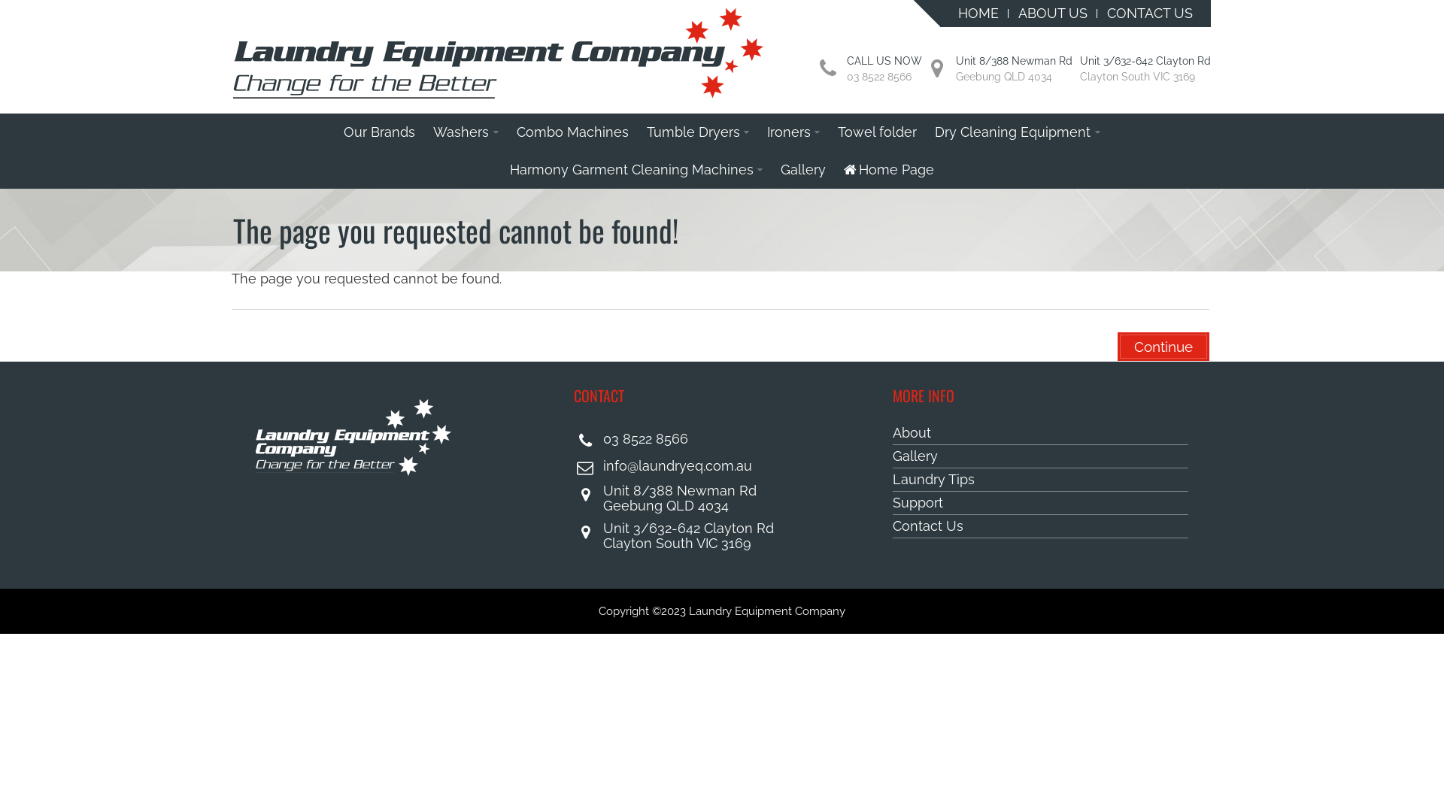 The image size is (1444, 812). What do you see at coordinates (1039, 480) in the screenshot?
I see `'Laundry Tips'` at bounding box center [1039, 480].